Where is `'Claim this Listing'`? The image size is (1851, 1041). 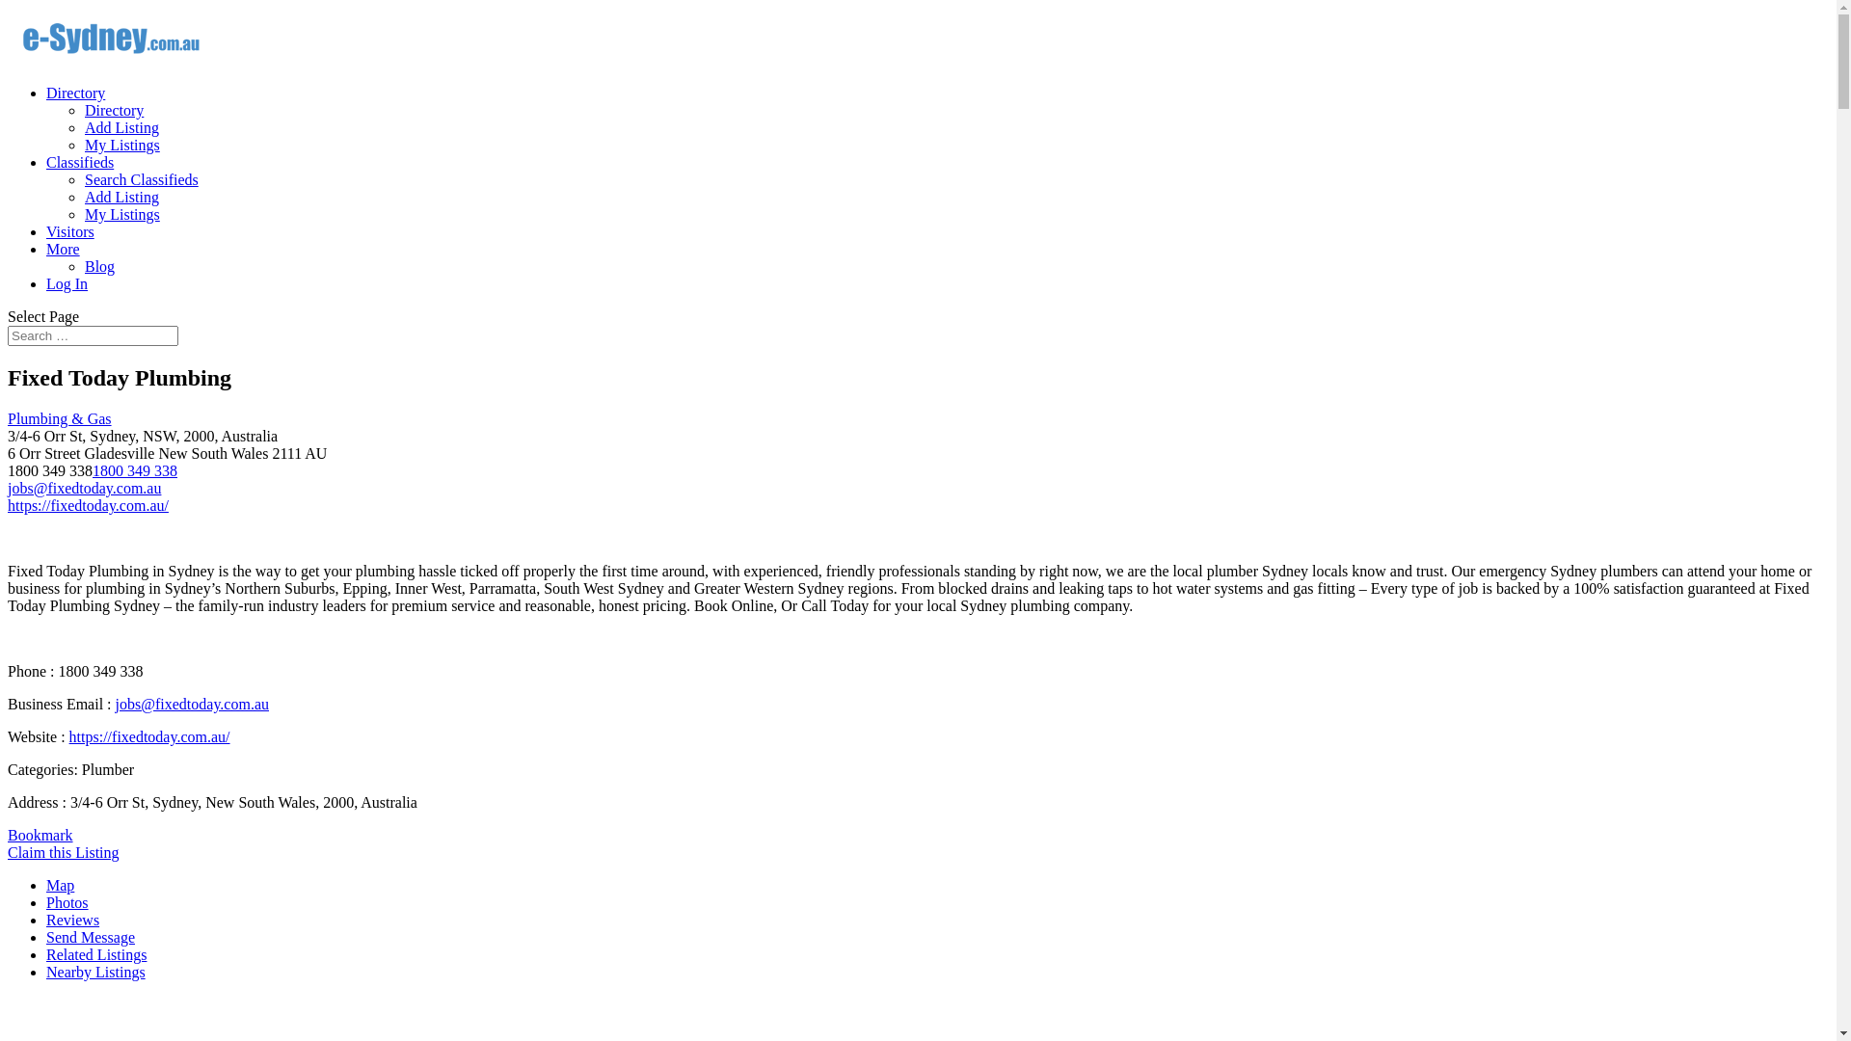
'Claim this Listing' is located at coordinates (64, 851).